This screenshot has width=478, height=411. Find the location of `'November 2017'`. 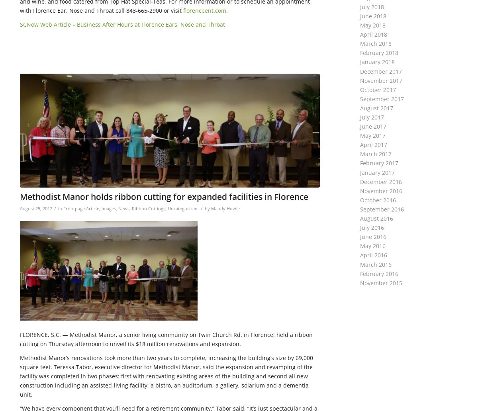

'November 2017' is located at coordinates (381, 80).